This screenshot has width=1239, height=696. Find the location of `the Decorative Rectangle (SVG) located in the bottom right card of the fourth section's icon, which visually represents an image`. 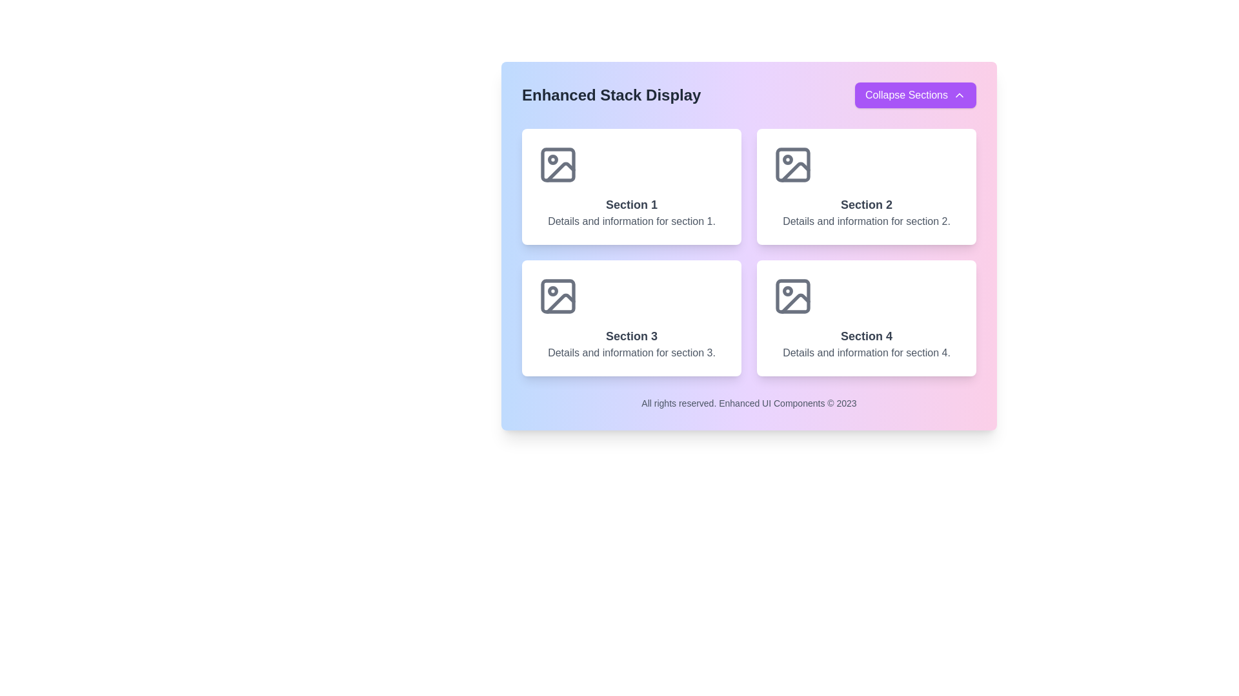

the Decorative Rectangle (SVG) located in the bottom right card of the fourth section's icon, which visually represents an image is located at coordinates (792, 296).